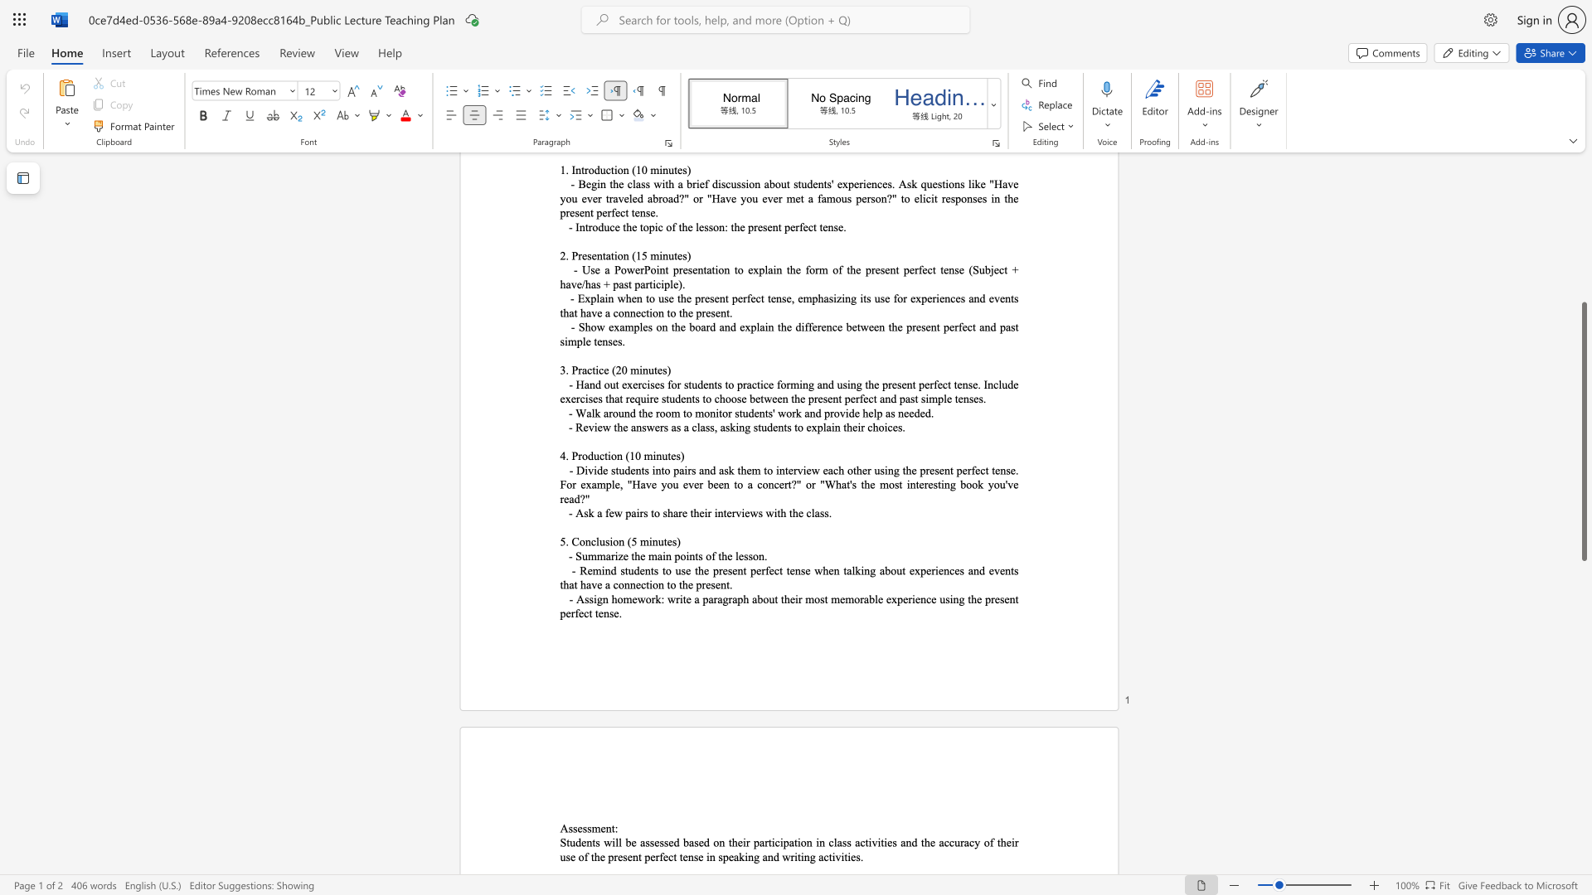 The height and width of the screenshot is (895, 1592). Describe the element at coordinates (1005, 842) in the screenshot. I see `the subset text "eir use of the pre" within the text "Students will be assessed based on their participation in class activities and the accuracy of their use of the present perfect tense in speaking and writing activities."` at that location.